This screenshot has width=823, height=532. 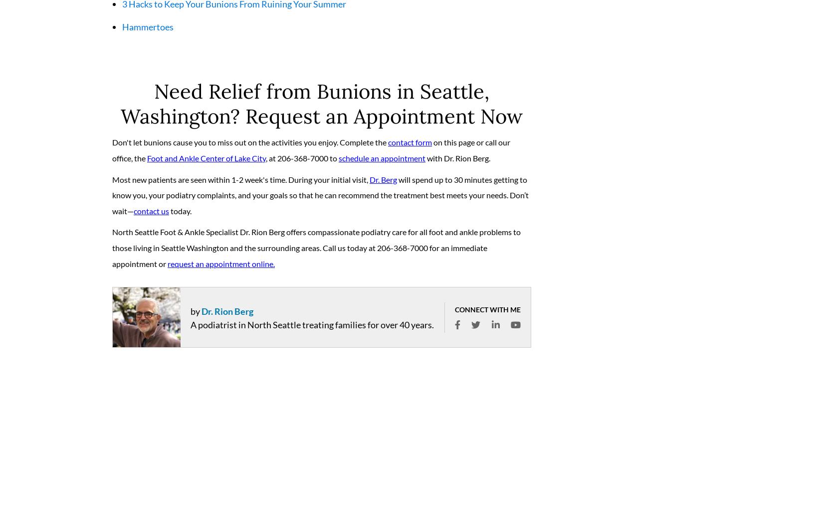 I want to click on 'Need Relief from Bunions in Seattle, Washington? Request an Appointment Now', so click(x=121, y=108).